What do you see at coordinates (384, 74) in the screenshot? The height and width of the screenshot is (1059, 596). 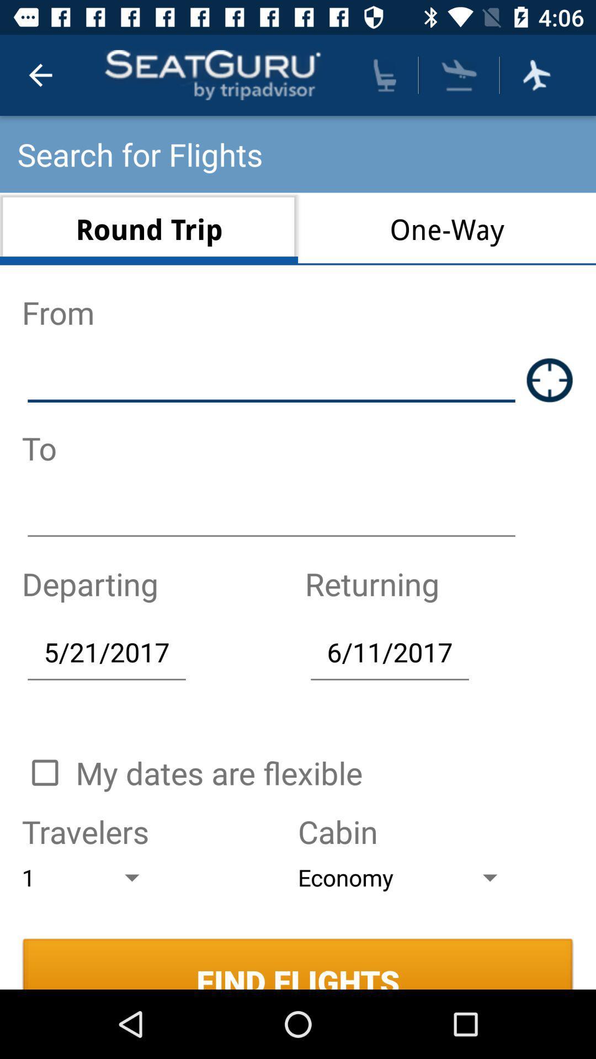 I see `plan seating` at bounding box center [384, 74].